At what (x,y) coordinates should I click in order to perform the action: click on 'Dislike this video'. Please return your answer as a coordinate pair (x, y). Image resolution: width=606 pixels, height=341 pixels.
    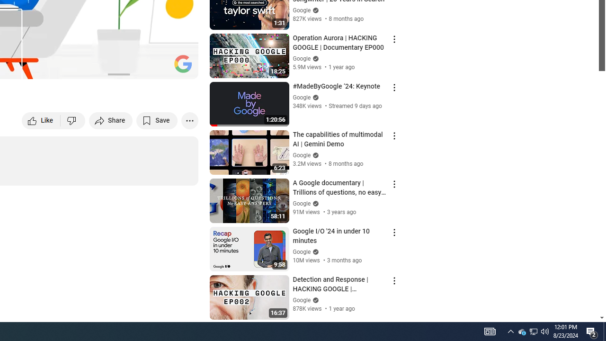
    Looking at the image, I should click on (72, 120).